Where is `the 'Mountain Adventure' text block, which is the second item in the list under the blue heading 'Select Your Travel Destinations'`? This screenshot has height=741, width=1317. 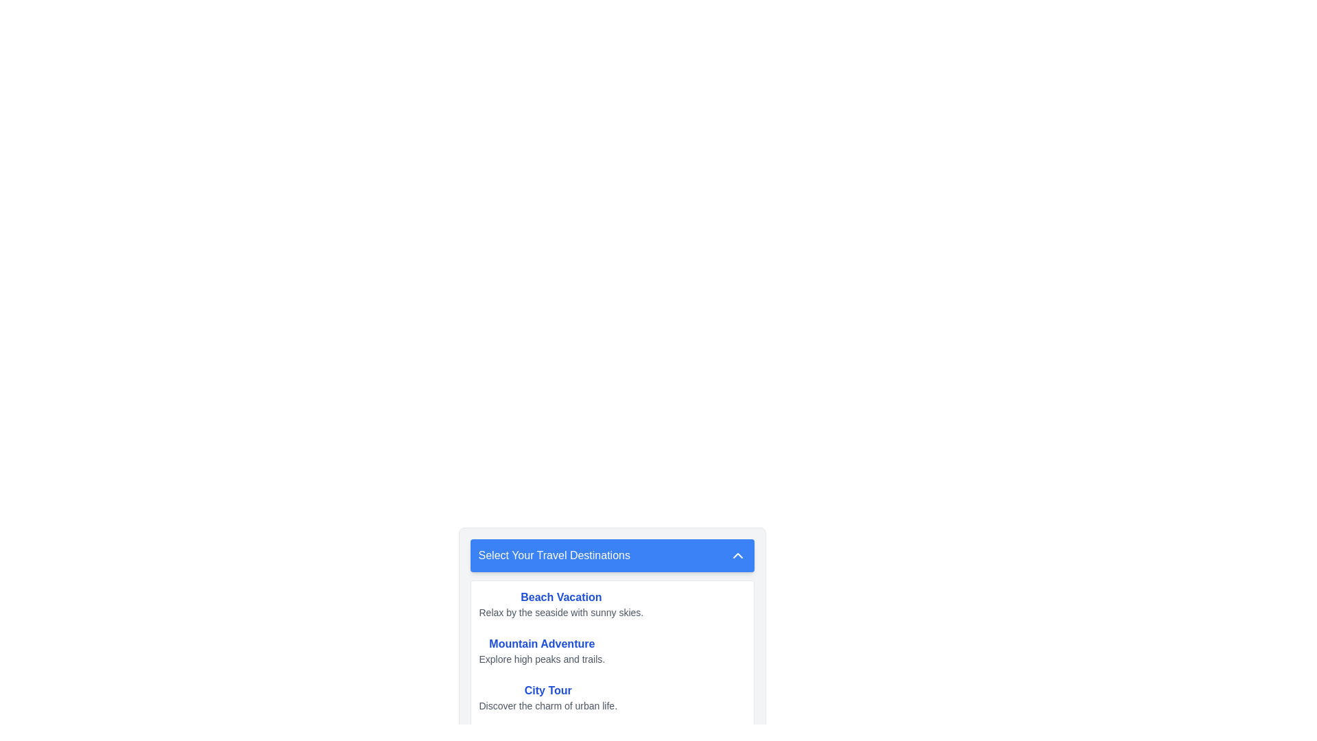
the 'Mountain Adventure' text block, which is the second item in the list under the blue heading 'Select Your Travel Destinations' is located at coordinates (541, 650).